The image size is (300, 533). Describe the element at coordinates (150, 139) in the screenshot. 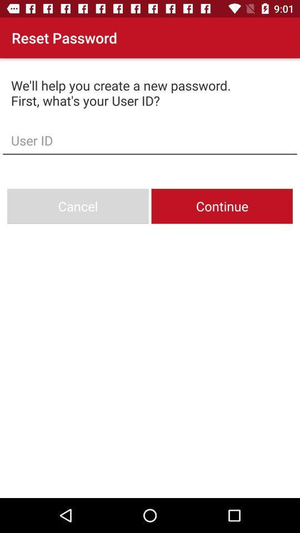

I see `user id` at that location.